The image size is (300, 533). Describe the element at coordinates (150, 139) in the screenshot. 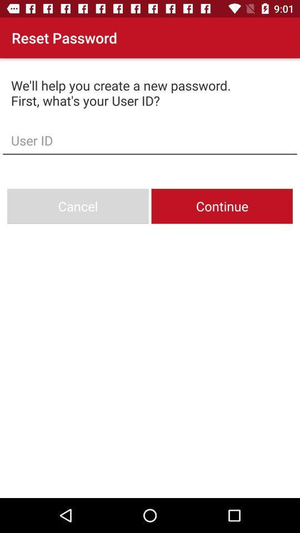

I see `user id` at that location.